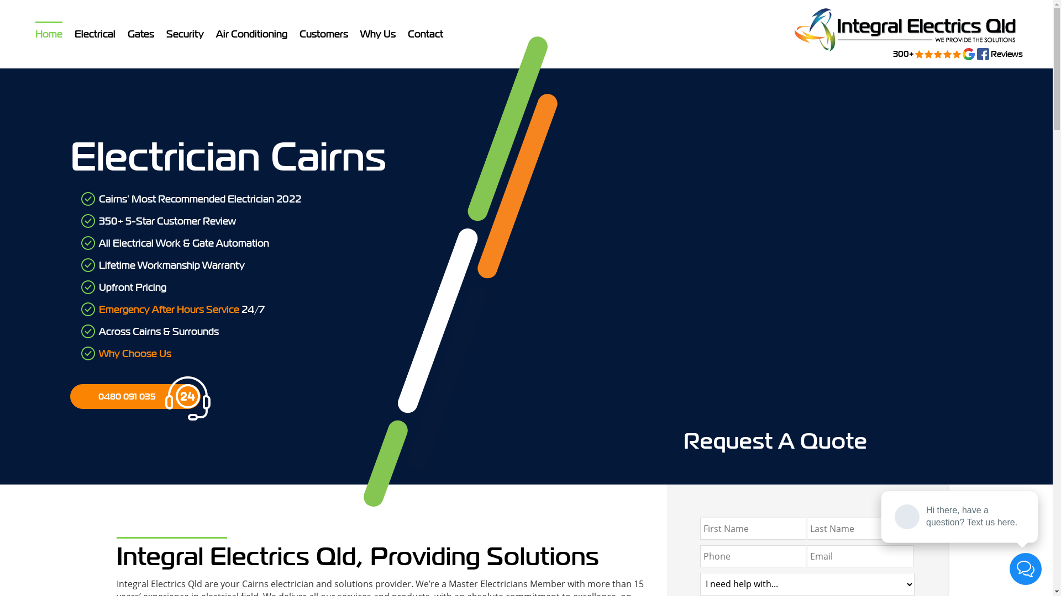  Describe the element at coordinates (95, 33) in the screenshot. I see `'Electrical'` at that location.